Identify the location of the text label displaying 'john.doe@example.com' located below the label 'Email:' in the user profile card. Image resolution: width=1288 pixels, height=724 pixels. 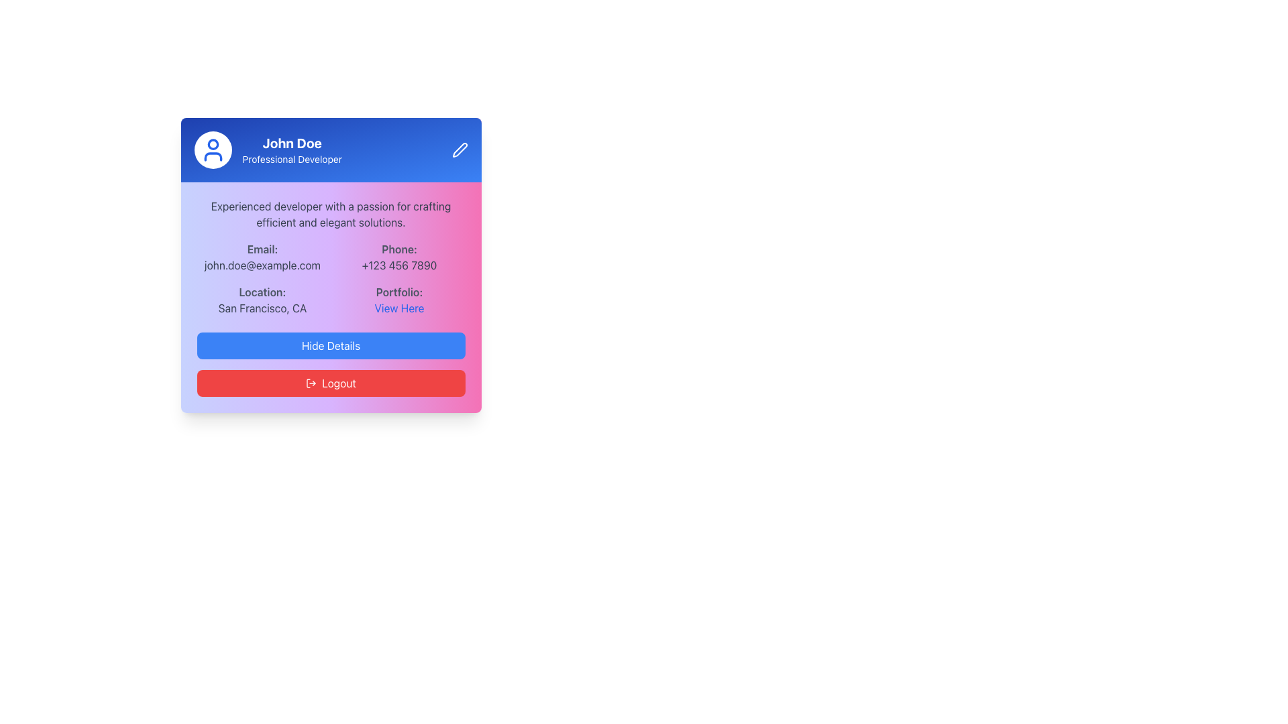
(262, 265).